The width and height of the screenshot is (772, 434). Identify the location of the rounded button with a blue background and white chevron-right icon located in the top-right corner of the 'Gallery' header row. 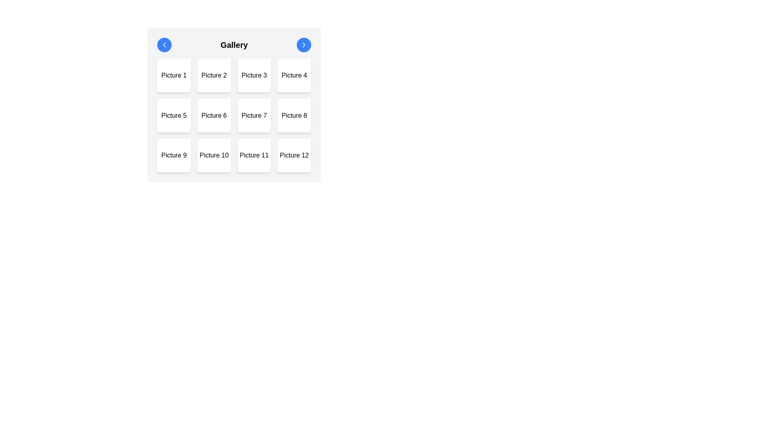
(303, 45).